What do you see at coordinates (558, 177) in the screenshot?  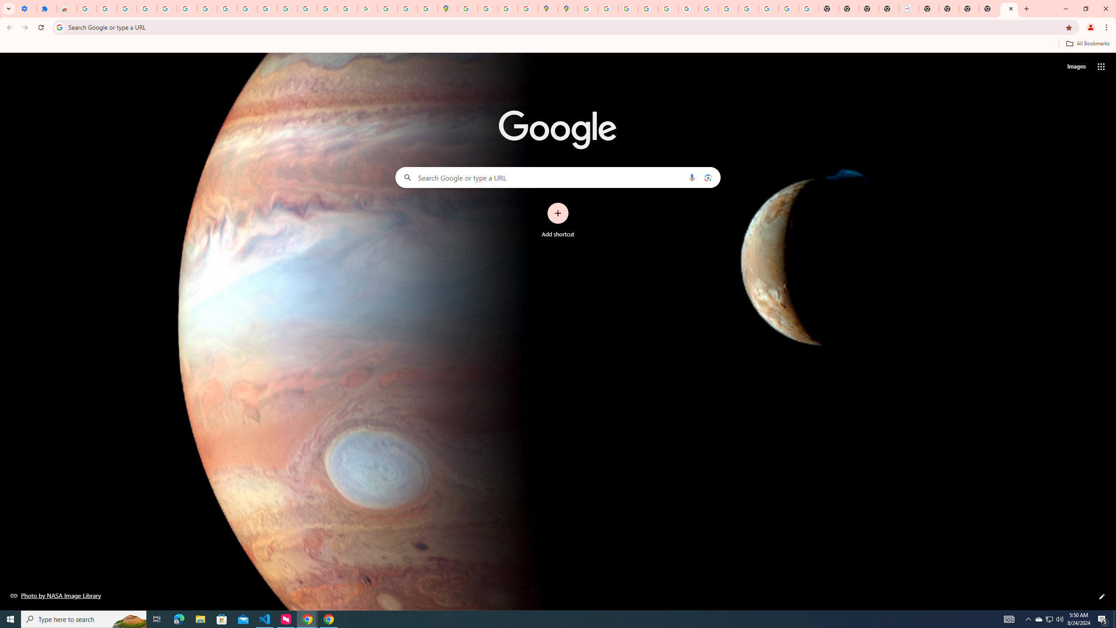 I see `'Search Google or type a URL'` at bounding box center [558, 177].